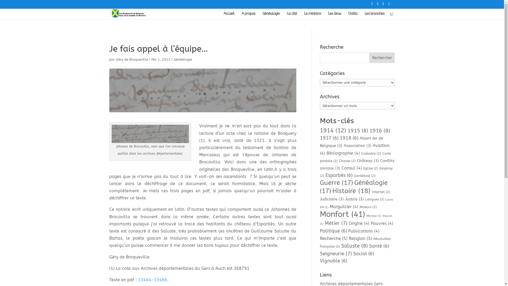 This screenshot has height=286, width=508. What do you see at coordinates (355, 157) in the screenshot?
I see `'Carte postale (2)'` at bounding box center [355, 157].